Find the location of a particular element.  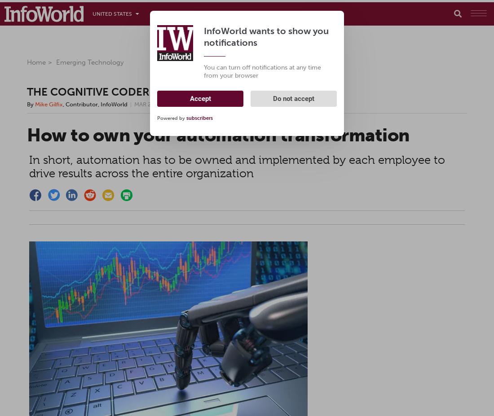

'The Cognitive Coder' is located at coordinates (88, 91).